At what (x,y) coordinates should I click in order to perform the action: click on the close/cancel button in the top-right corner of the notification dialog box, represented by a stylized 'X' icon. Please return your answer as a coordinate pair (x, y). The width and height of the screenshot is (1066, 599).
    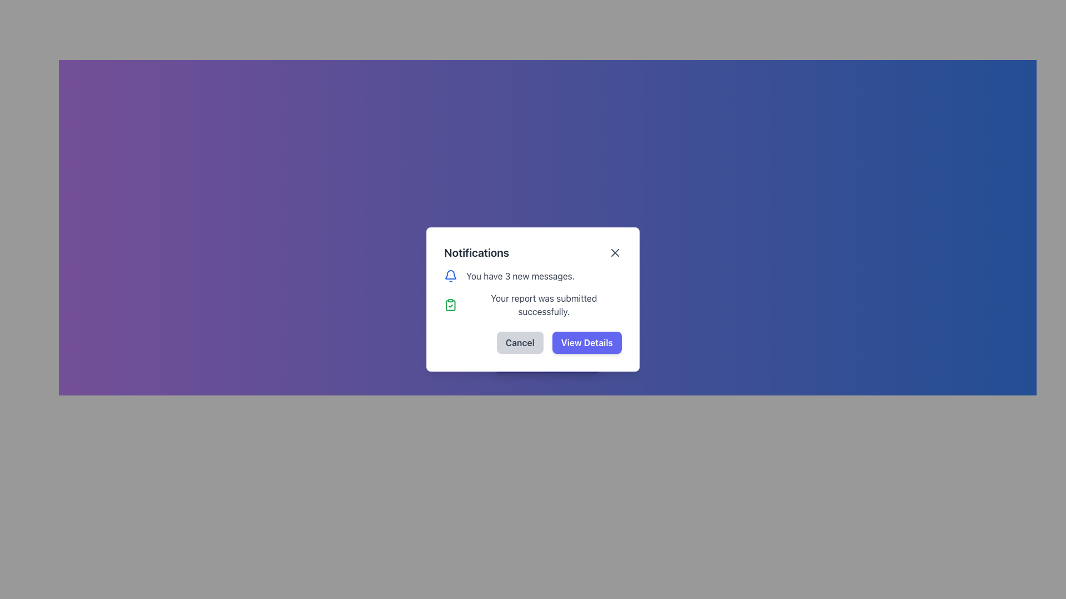
    Looking at the image, I should click on (615, 252).